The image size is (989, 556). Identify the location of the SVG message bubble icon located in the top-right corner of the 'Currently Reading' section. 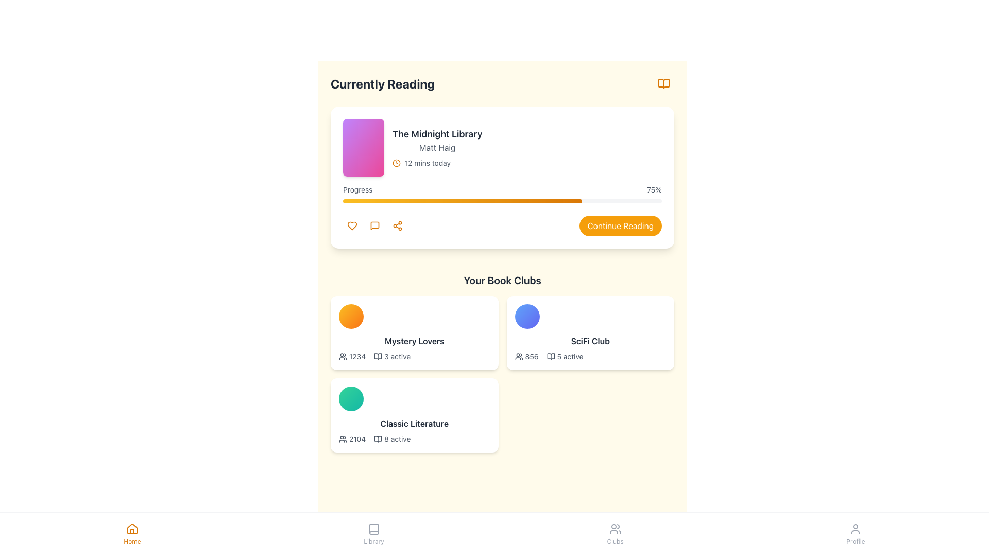
(374, 225).